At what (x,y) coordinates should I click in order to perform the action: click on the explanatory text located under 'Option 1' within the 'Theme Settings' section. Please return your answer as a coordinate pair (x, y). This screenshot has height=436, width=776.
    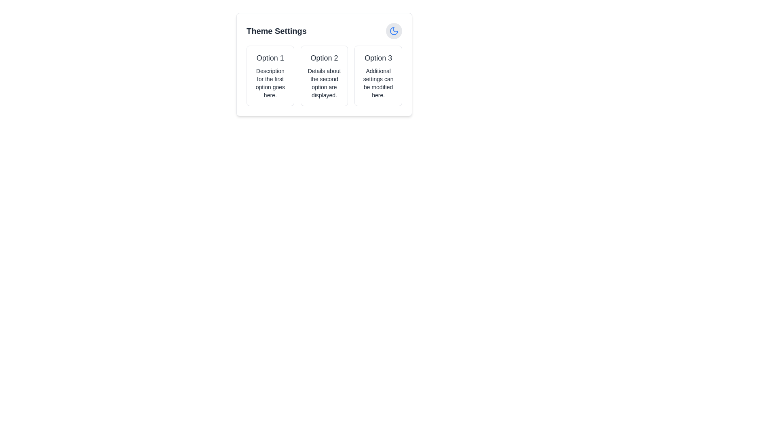
    Looking at the image, I should click on (270, 83).